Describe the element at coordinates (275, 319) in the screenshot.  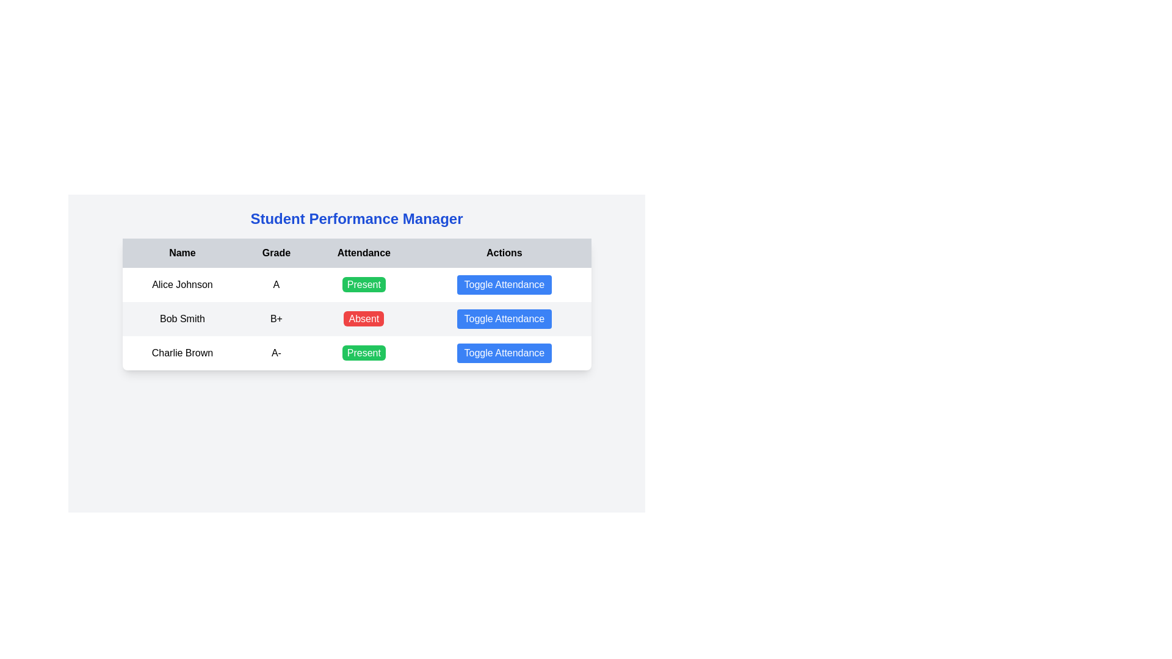
I see `the 'B+' text label element styled in bold font, located in the second row under the 'Grade' column associated with 'Bob Smith'` at that location.